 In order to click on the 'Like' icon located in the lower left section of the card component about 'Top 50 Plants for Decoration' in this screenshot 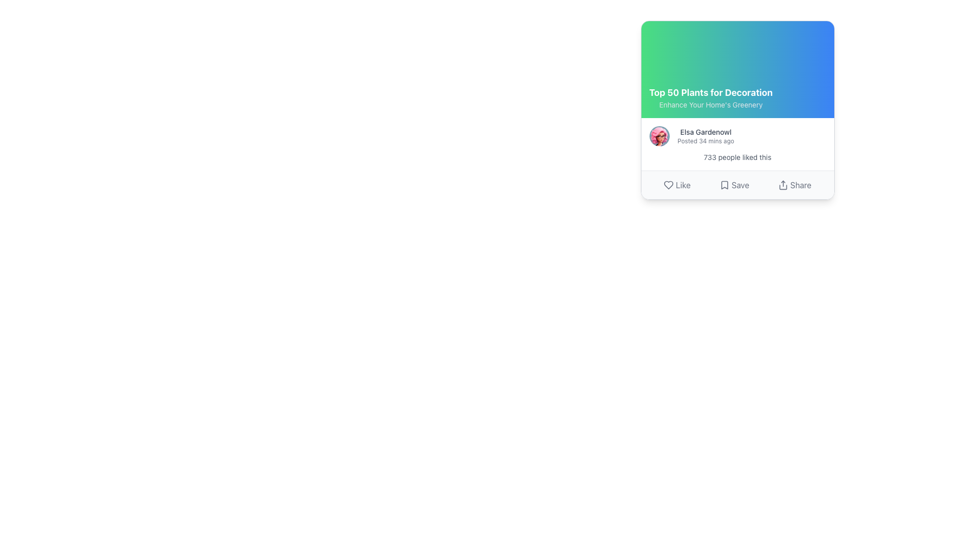, I will do `click(669, 185)`.